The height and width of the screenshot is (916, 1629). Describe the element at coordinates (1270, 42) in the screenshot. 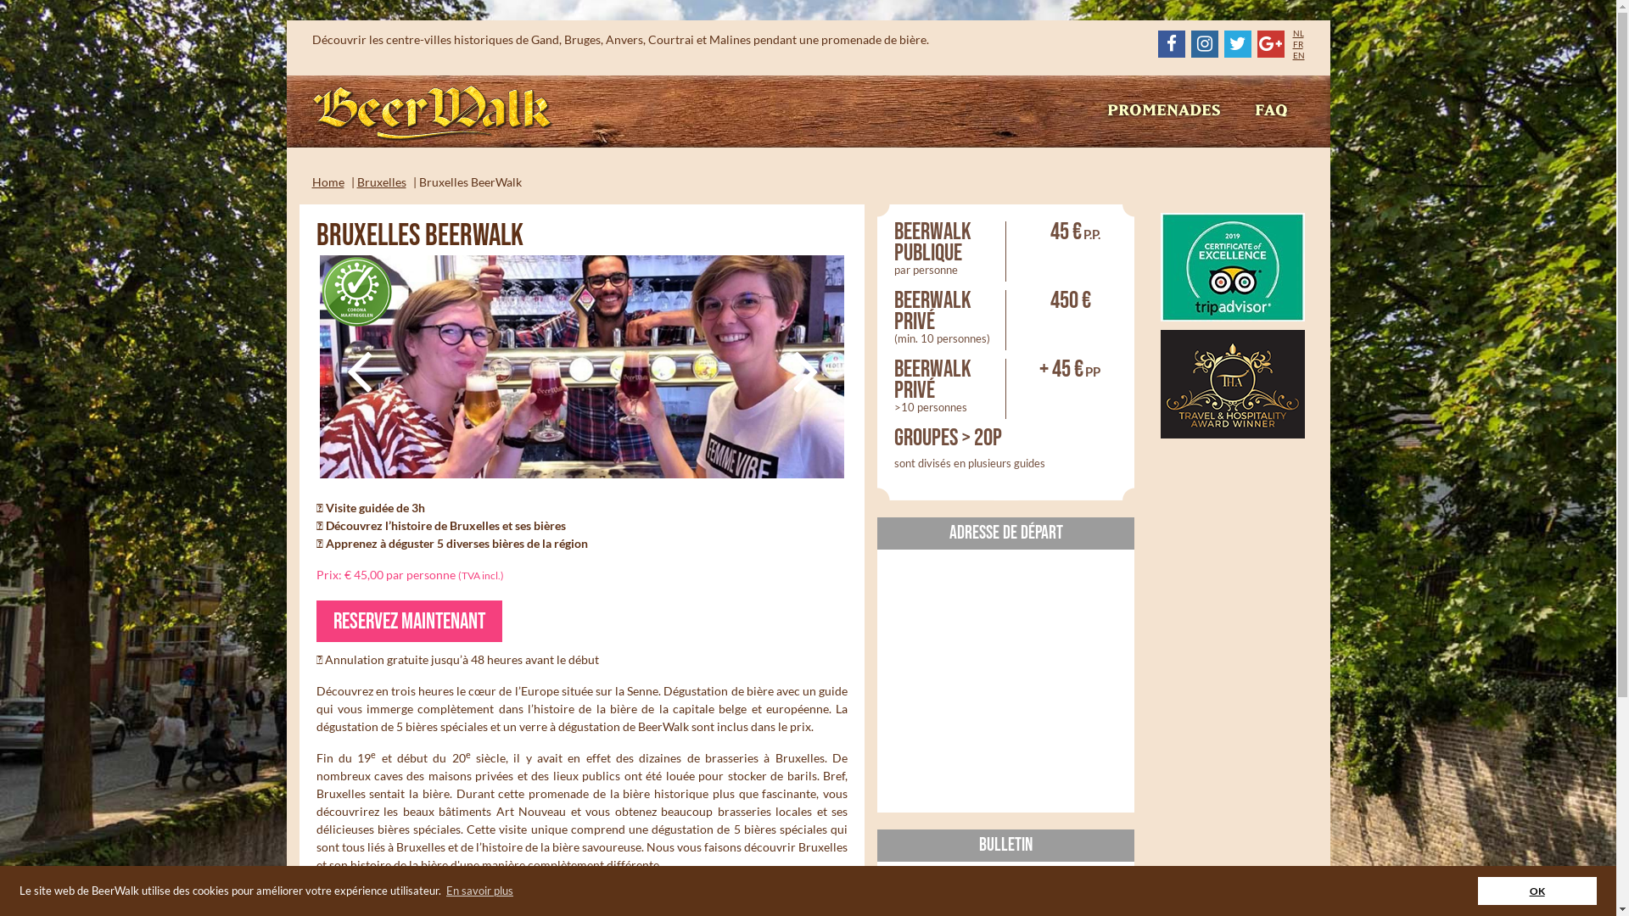

I see `'BeerWalk GooglePlus'` at that location.